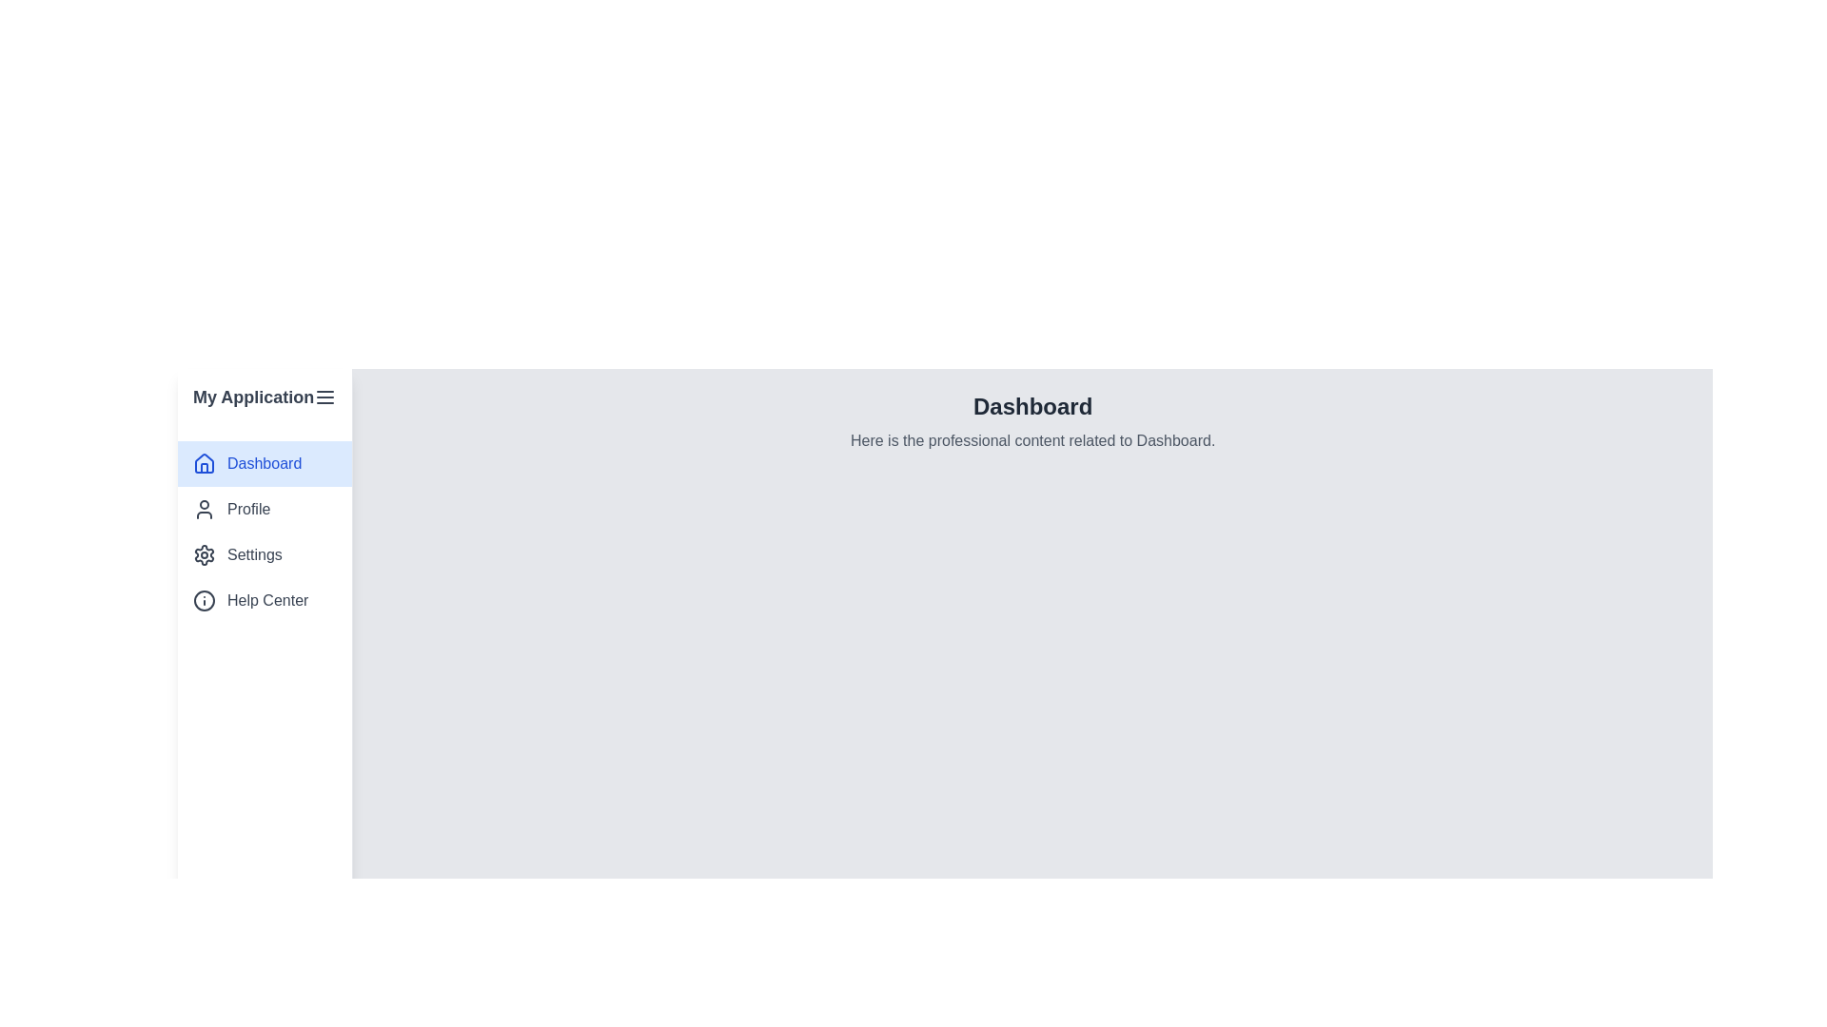  I want to click on the last Sidebar Menu Item that navigates to the Help Center, so click(264, 601).